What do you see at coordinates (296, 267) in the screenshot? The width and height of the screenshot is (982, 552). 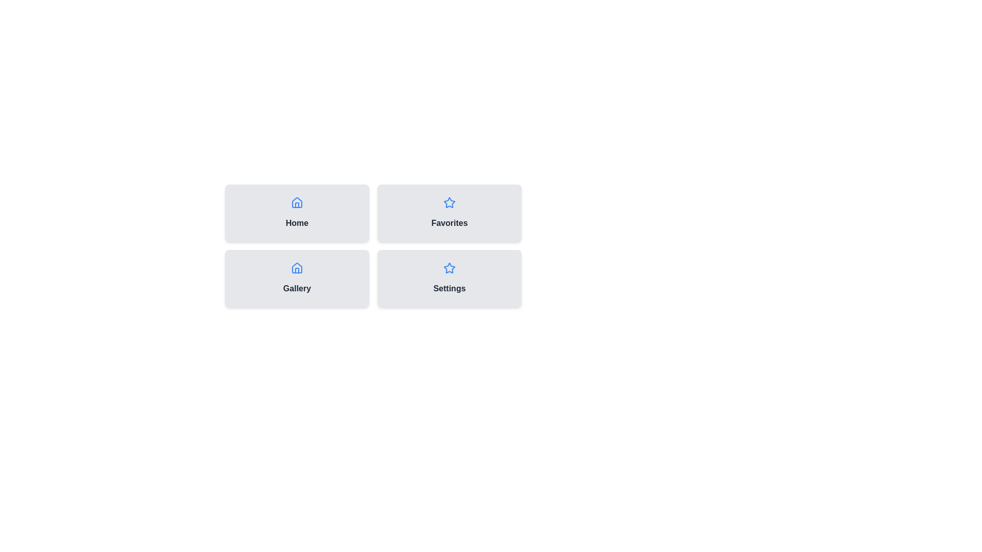 I see `the 'Home' icon located in the top-left quadrant of the application, which serves as a visual representation of the main page functionality` at bounding box center [296, 267].